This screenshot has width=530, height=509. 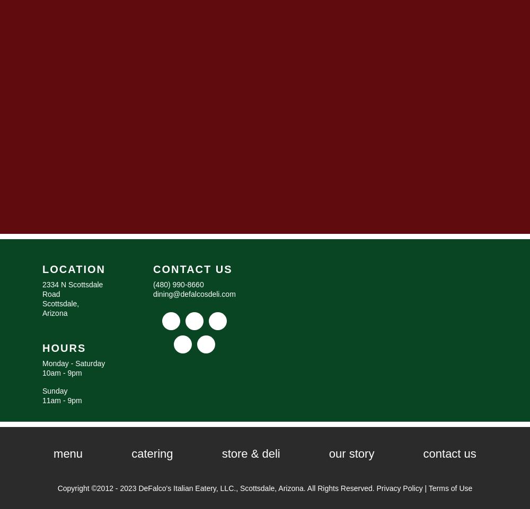 What do you see at coordinates (399, 487) in the screenshot?
I see `'Privacy Policy'` at bounding box center [399, 487].